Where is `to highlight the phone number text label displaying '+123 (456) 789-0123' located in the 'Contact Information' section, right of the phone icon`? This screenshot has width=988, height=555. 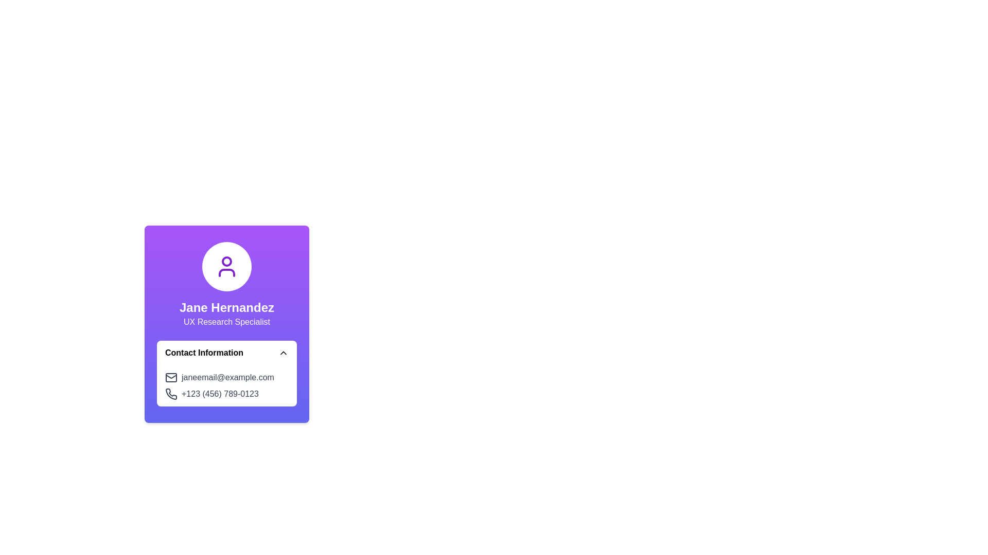 to highlight the phone number text label displaying '+123 (456) 789-0123' located in the 'Contact Information' section, right of the phone icon is located at coordinates (219, 394).